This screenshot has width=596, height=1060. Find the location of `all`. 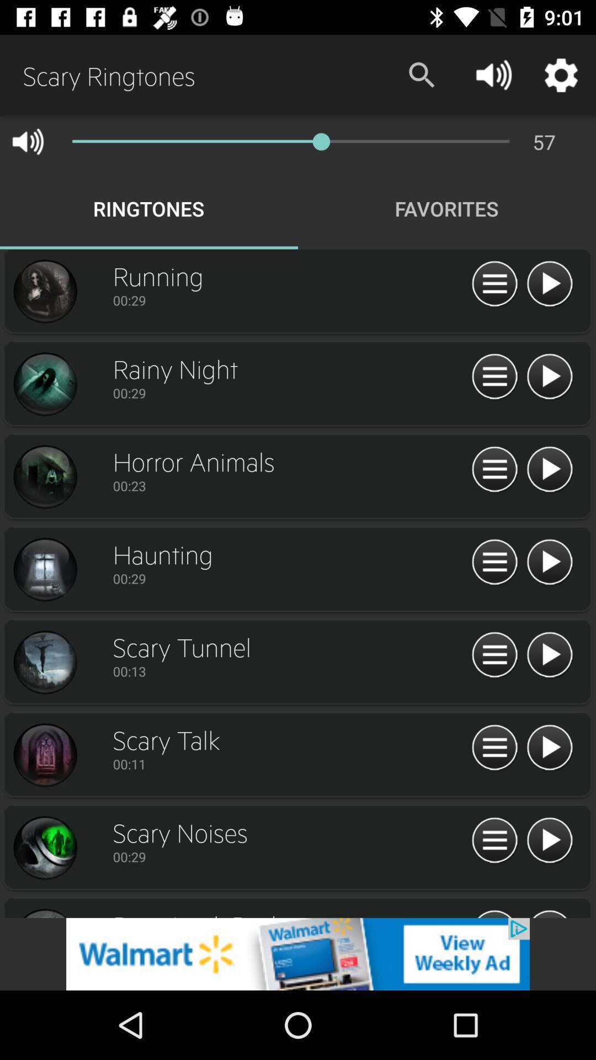

all is located at coordinates (494, 470).